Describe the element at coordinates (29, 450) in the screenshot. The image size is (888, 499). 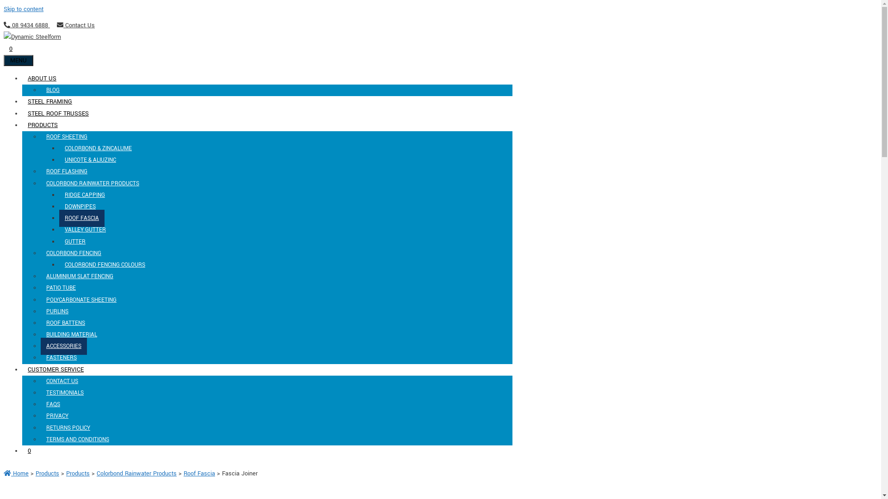
I see `'0'` at that location.